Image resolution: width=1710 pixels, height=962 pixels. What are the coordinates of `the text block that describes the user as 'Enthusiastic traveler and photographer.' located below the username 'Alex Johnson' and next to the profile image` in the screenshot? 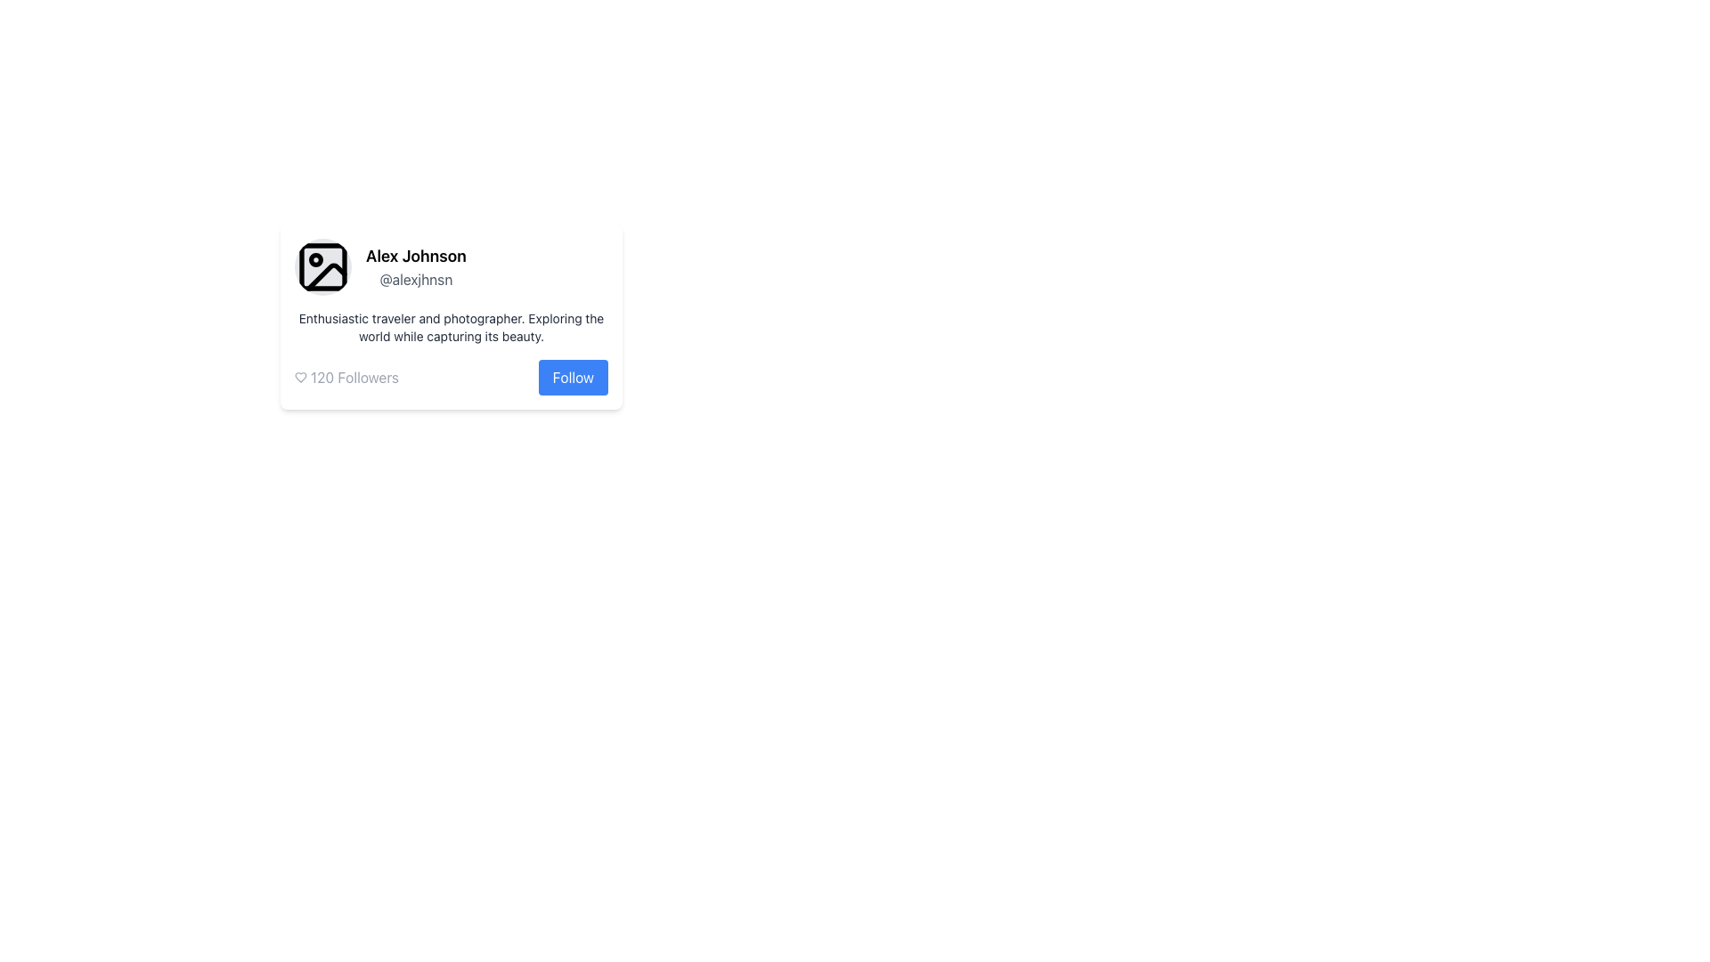 It's located at (452, 327).